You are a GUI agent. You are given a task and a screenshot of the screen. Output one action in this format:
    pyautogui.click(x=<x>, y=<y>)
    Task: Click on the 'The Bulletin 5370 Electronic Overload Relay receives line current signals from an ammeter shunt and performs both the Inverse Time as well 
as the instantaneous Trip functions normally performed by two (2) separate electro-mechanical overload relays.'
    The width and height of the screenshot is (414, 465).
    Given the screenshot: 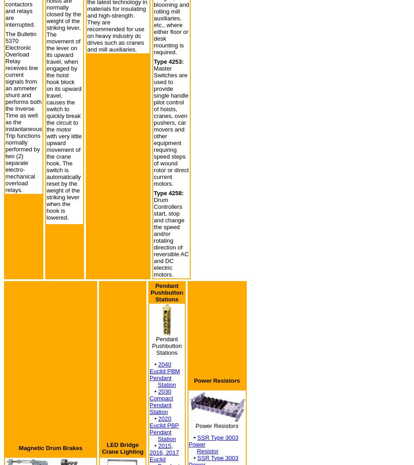 What is the action you would take?
    pyautogui.click(x=24, y=111)
    